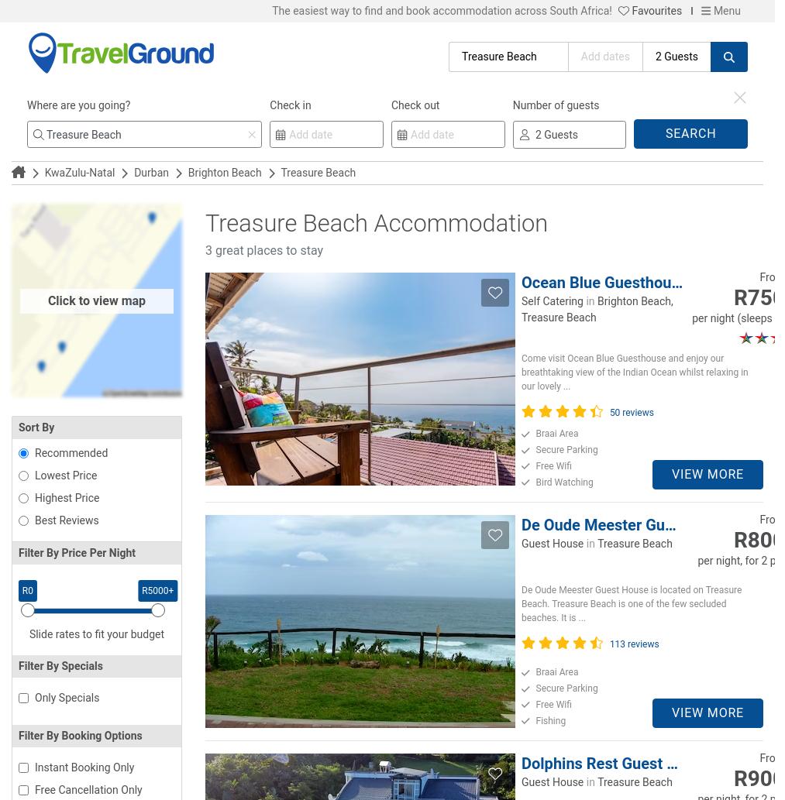 This screenshot has width=785, height=800. Describe the element at coordinates (64, 475) in the screenshot. I see `'Lowest Price'` at that location.